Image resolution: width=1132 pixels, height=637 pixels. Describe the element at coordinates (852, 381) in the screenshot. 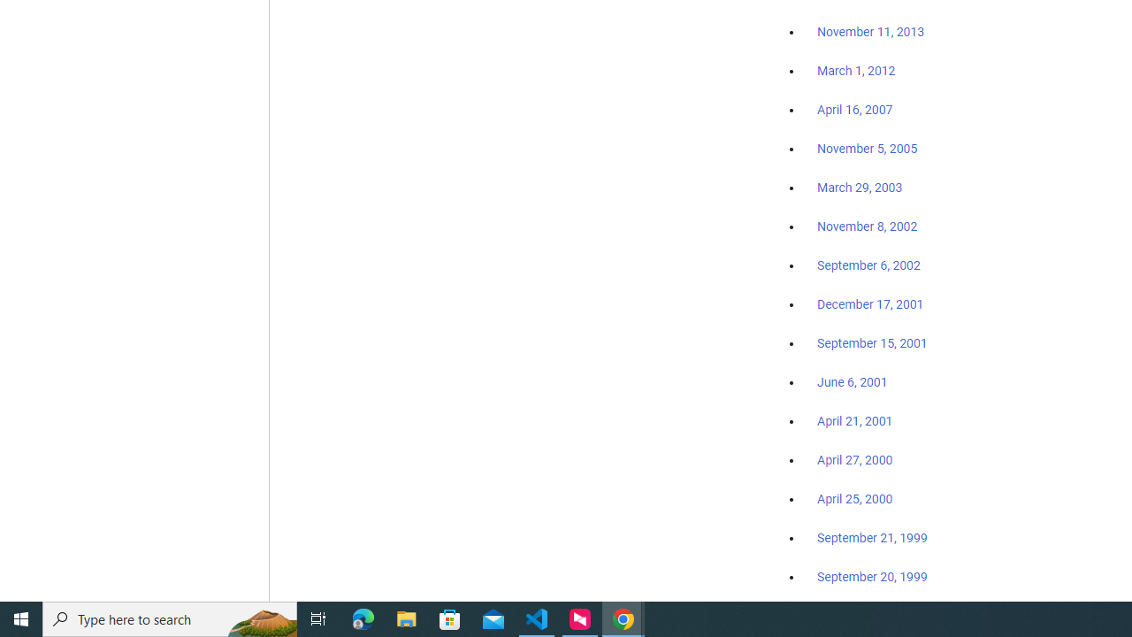

I see `'June 6, 2001'` at that location.